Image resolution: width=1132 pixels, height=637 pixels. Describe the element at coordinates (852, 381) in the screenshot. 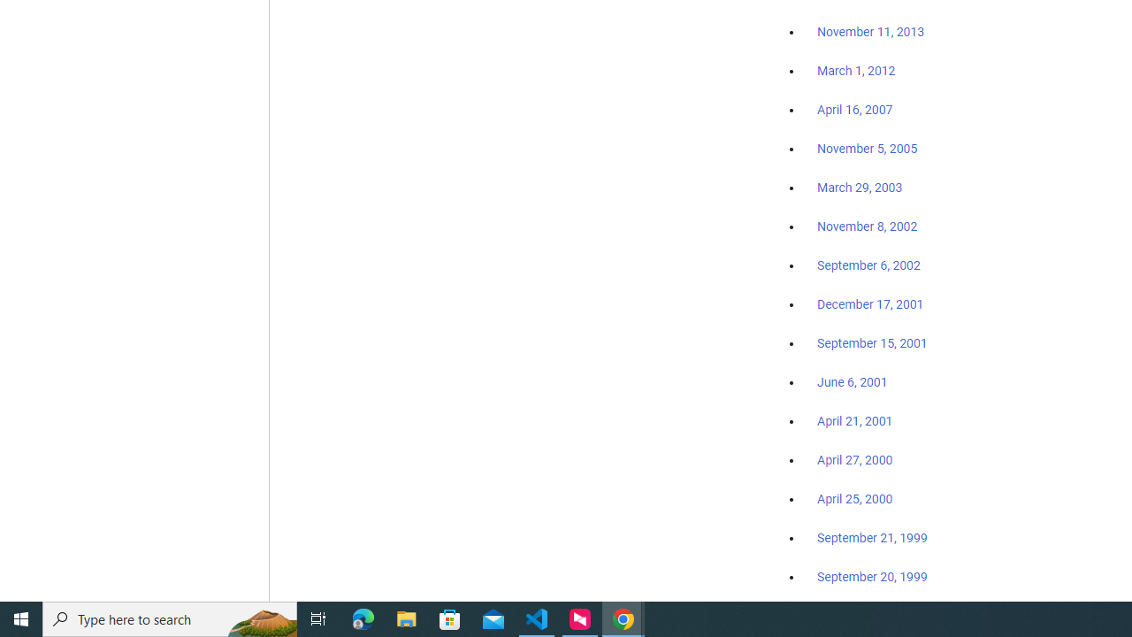

I see `'June 6, 2001'` at that location.